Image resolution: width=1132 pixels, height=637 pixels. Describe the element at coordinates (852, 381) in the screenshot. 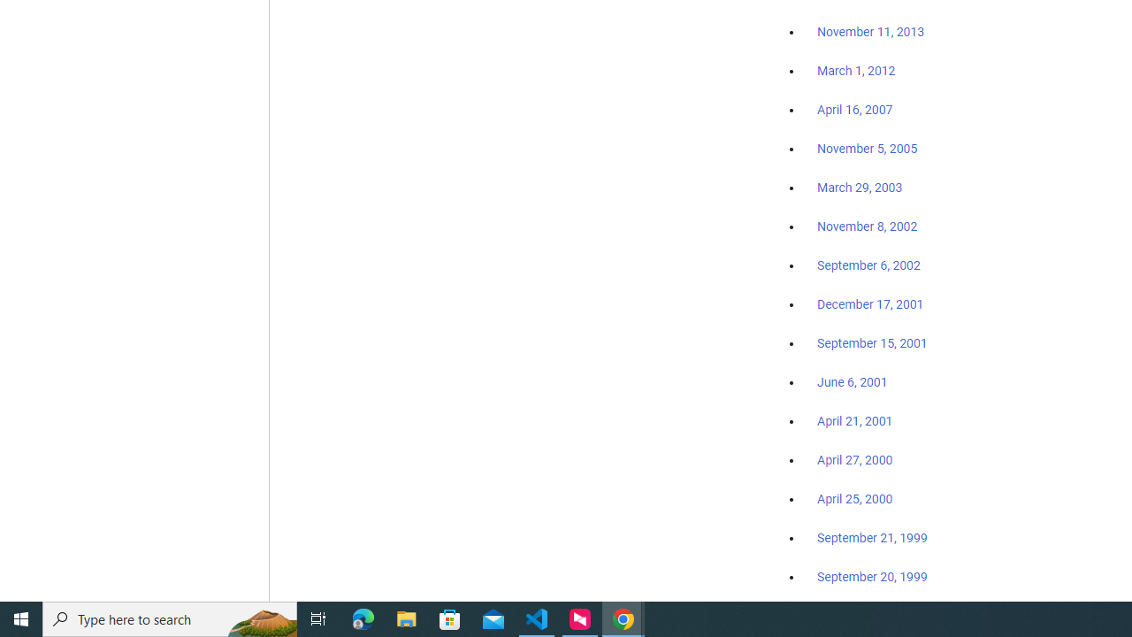

I see `'June 6, 2001'` at that location.